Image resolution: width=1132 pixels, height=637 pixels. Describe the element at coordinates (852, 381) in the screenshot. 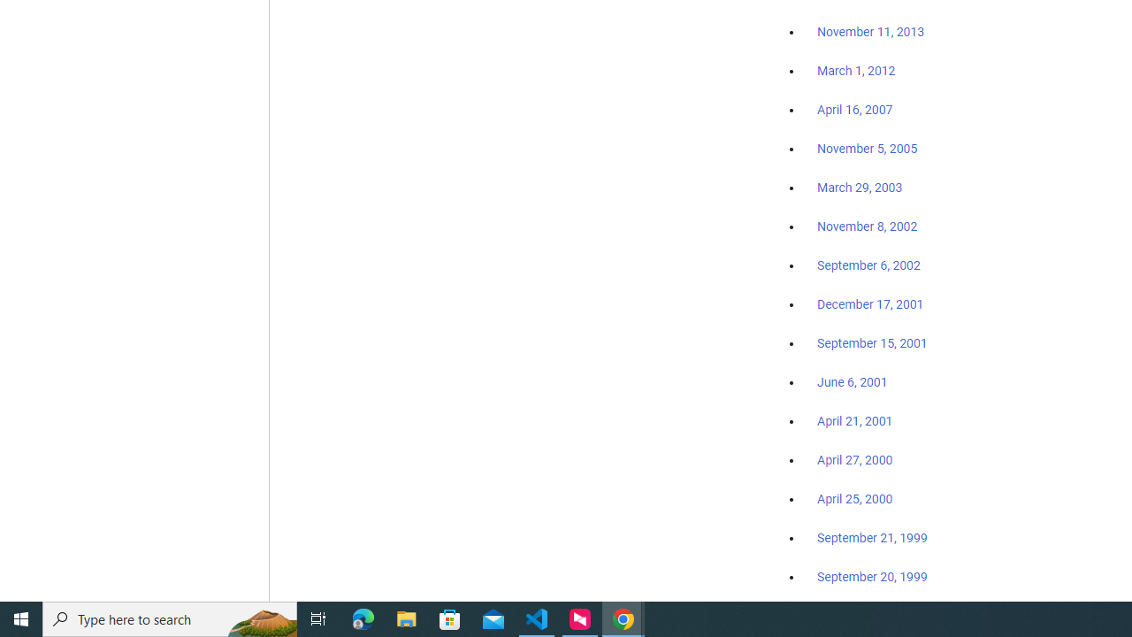

I see `'June 6, 2001'` at that location.